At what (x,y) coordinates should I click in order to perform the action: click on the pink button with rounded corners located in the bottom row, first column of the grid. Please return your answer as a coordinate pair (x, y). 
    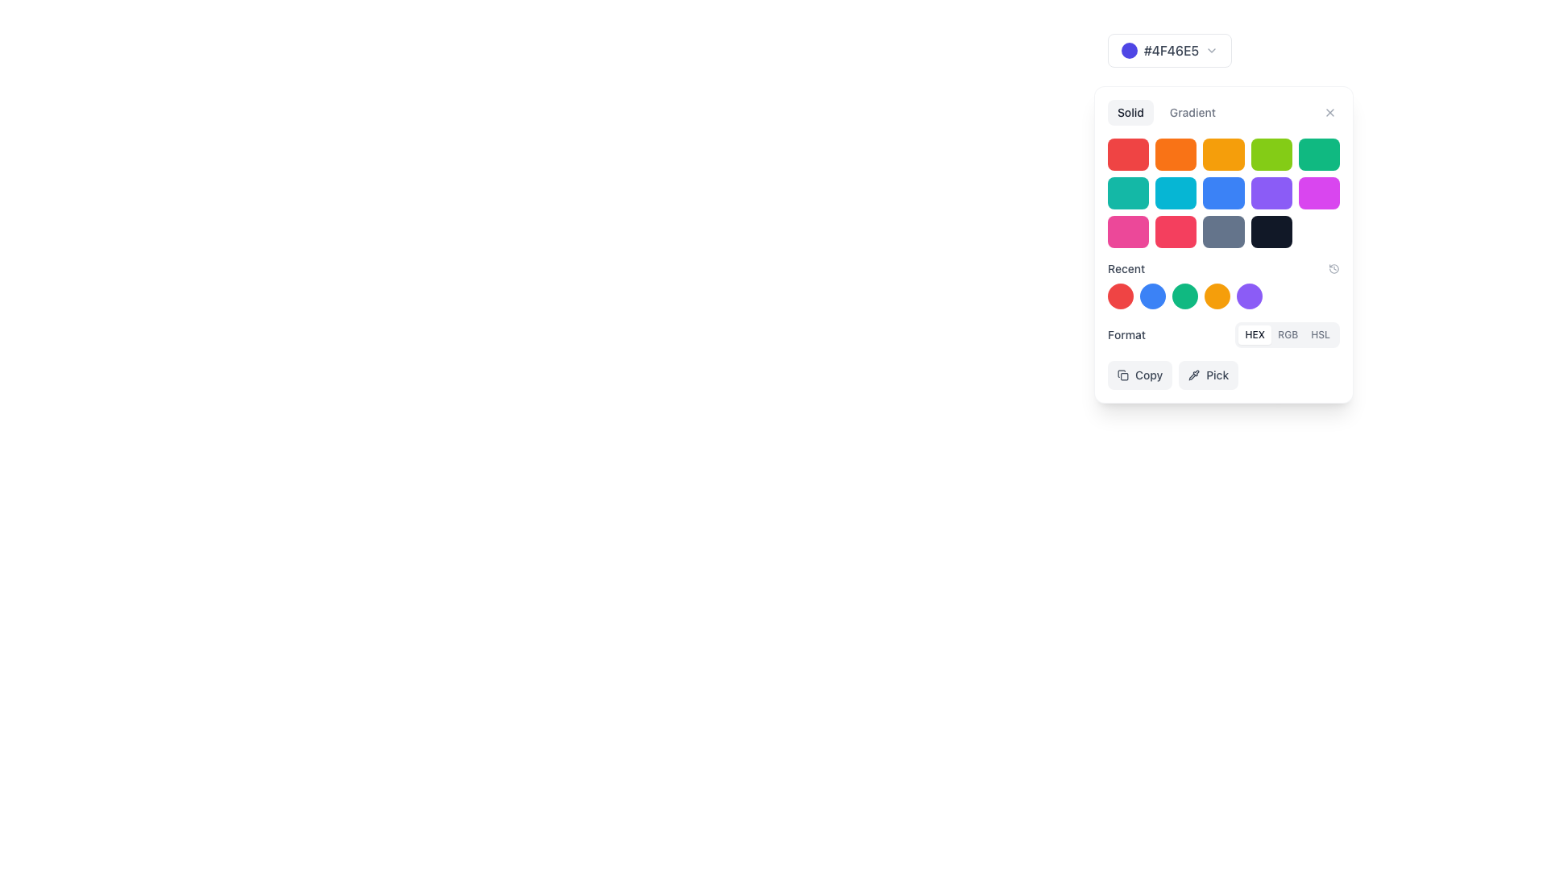
    Looking at the image, I should click on (1127, 232).